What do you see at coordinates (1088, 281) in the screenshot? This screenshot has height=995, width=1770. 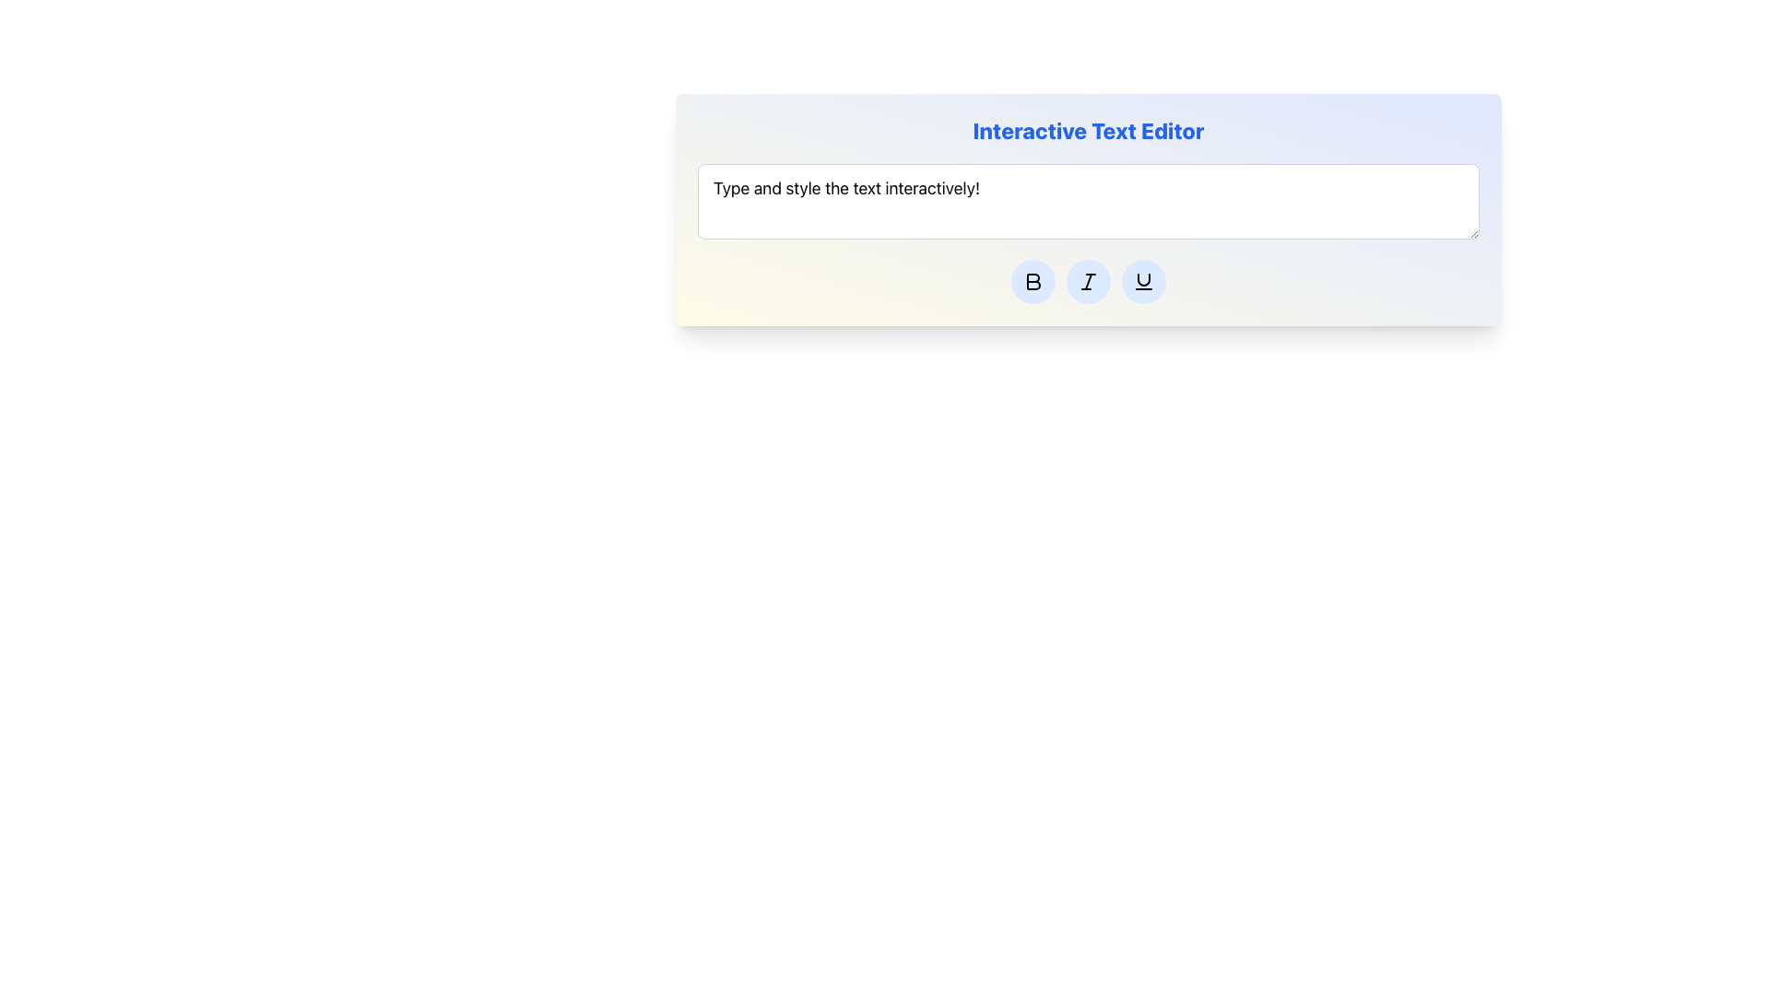 I see `the outlined italic 'I' icon button, which is the middle icon among three formatting options` at bounding box center [1088, 281].